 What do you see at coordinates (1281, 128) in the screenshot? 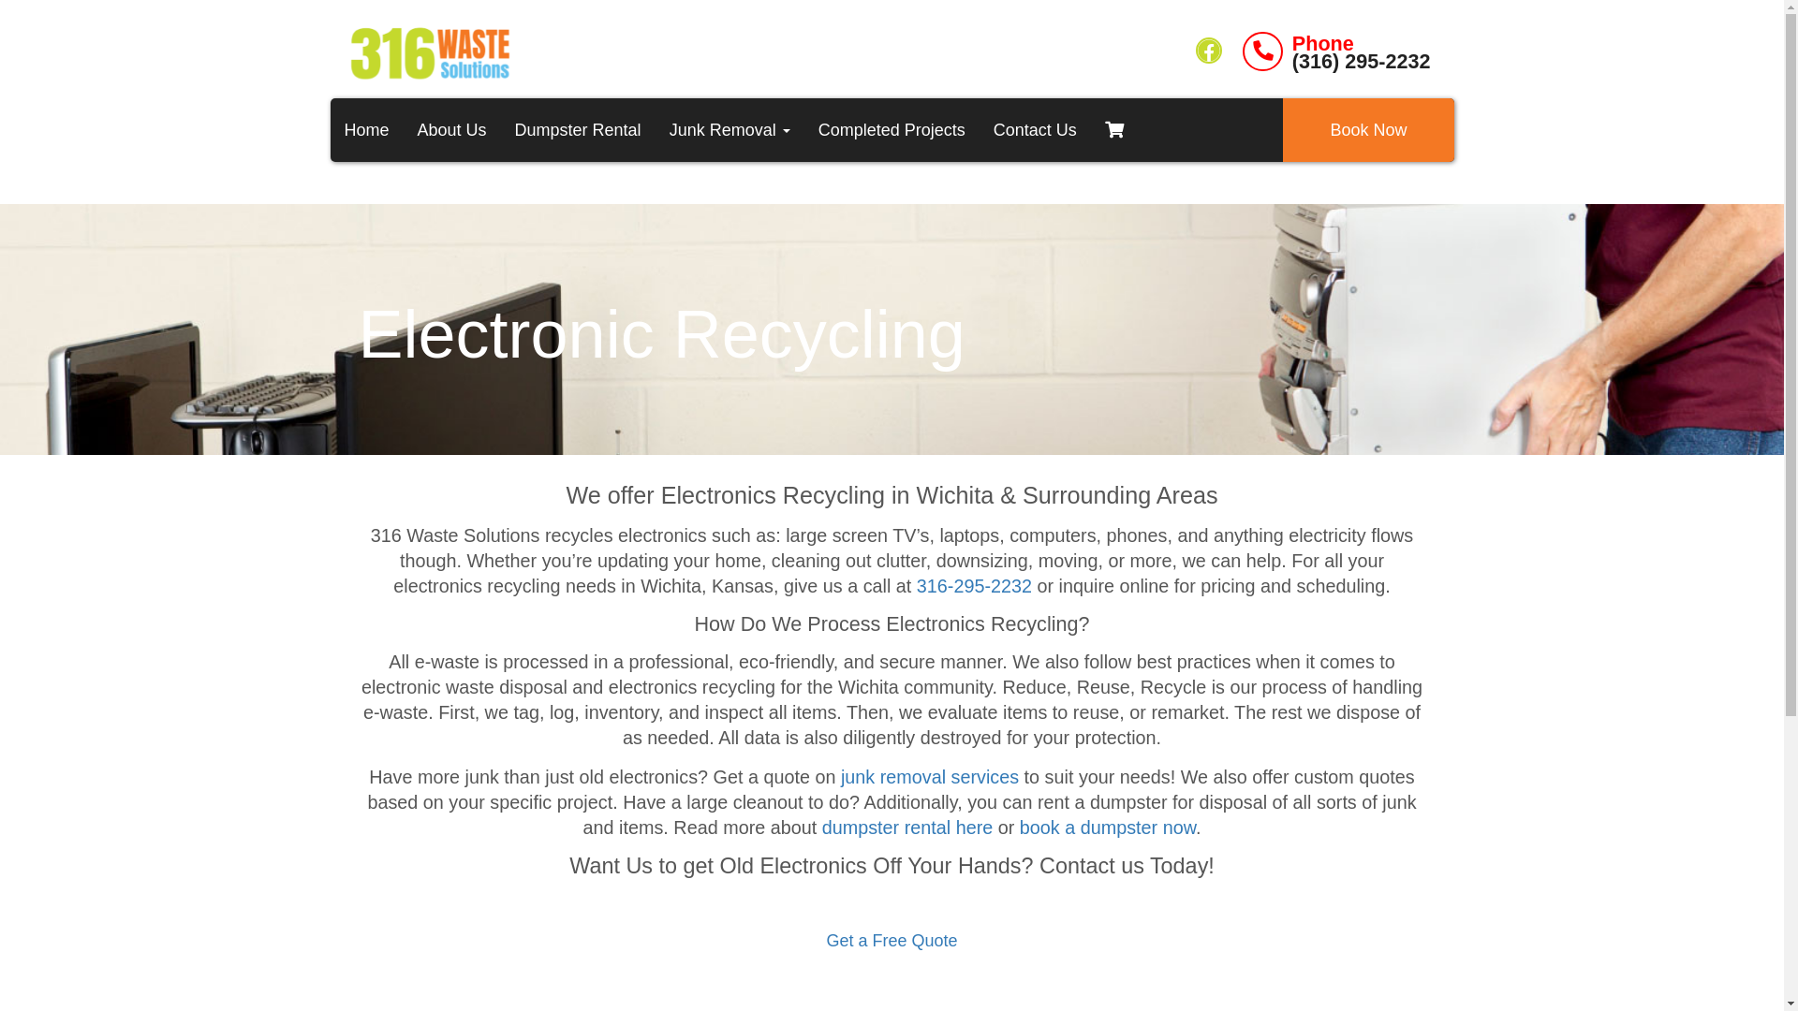
I see `'Book Now'` at bounding box center [1281, 128].